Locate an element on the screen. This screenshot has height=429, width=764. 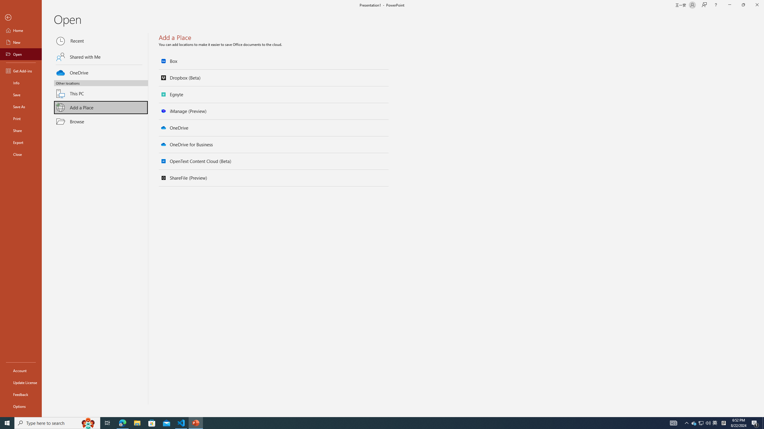
'Back' is located at coordinates (21, 17).